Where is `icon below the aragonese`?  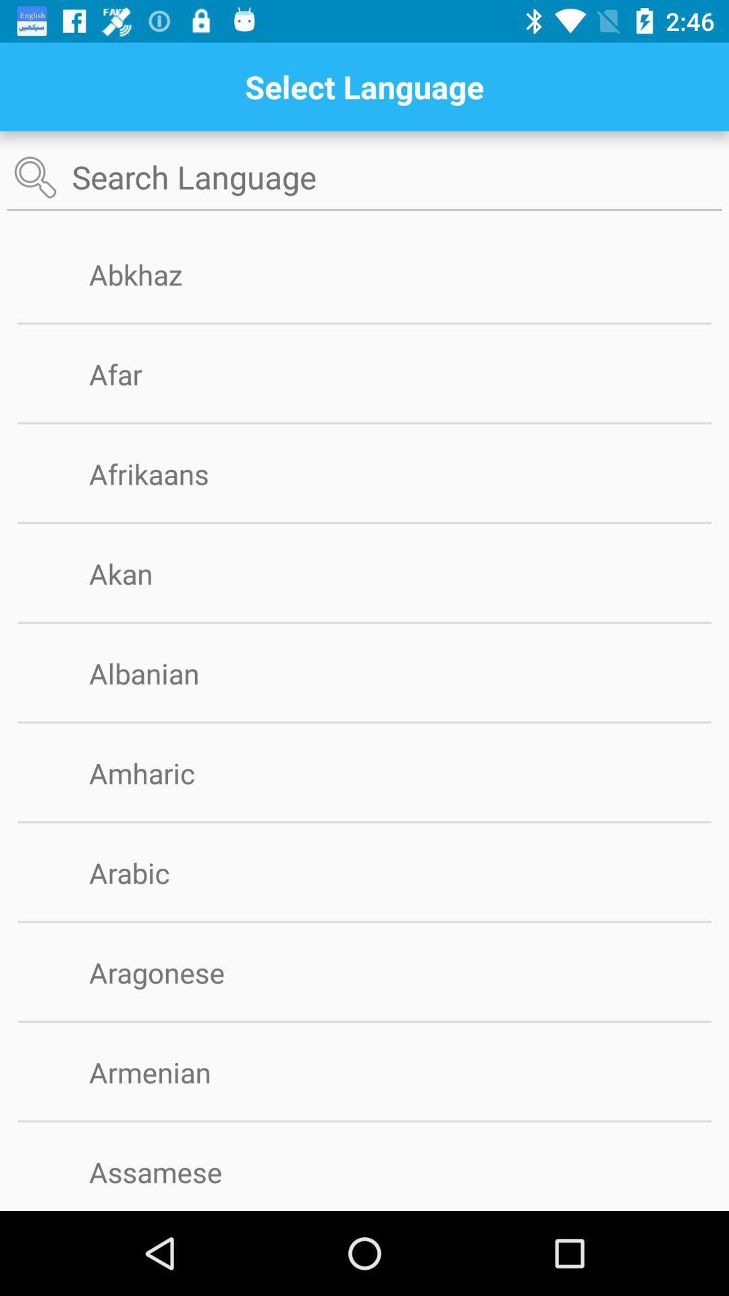
icon below the aragonese is located at coordinates (364, 1021).